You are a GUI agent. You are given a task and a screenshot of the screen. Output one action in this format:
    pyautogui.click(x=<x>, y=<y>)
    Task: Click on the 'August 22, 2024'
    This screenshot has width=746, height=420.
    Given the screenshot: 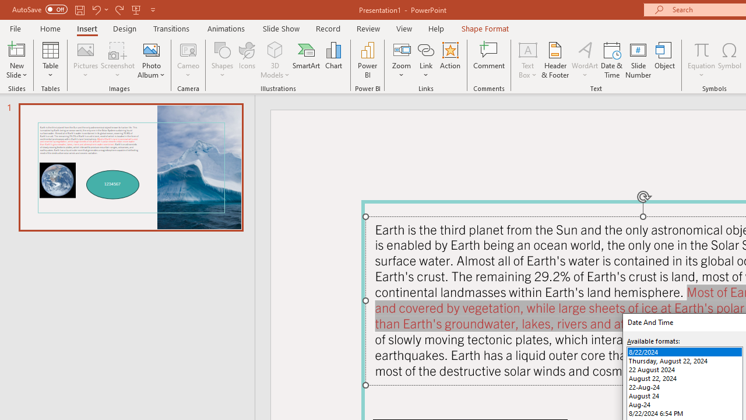 What is the action you would take?
    pyautogui.click(x=685, y=378)
    